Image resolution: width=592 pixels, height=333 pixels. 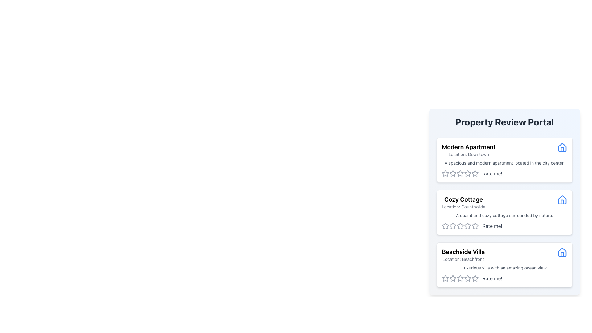 I want to click on the third star icon in the rating section for the 'Cozy Cottage' property, so click(x=467, y=226).